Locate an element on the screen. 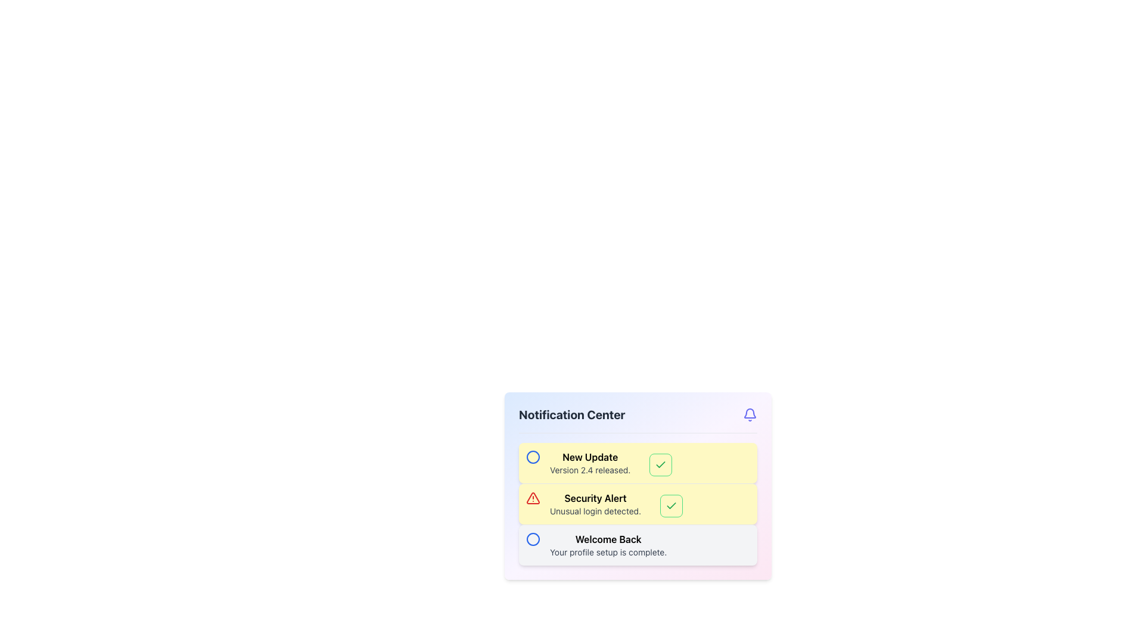 This screenshot has width=1144, height=643. the green check mark icon located in the Notification Center is located at coordinates (672, 505).